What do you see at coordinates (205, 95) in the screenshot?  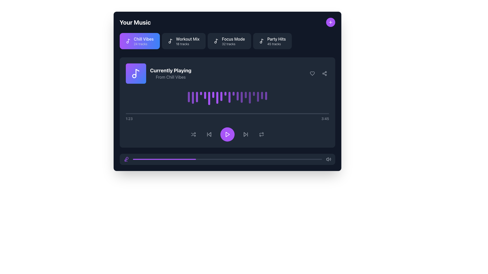 I see `the 5th vertically oriented purple bar element in the waveform visualization, which is part of the 'Currently Playing' section of the music player interface` at bounding box center [205, 95].